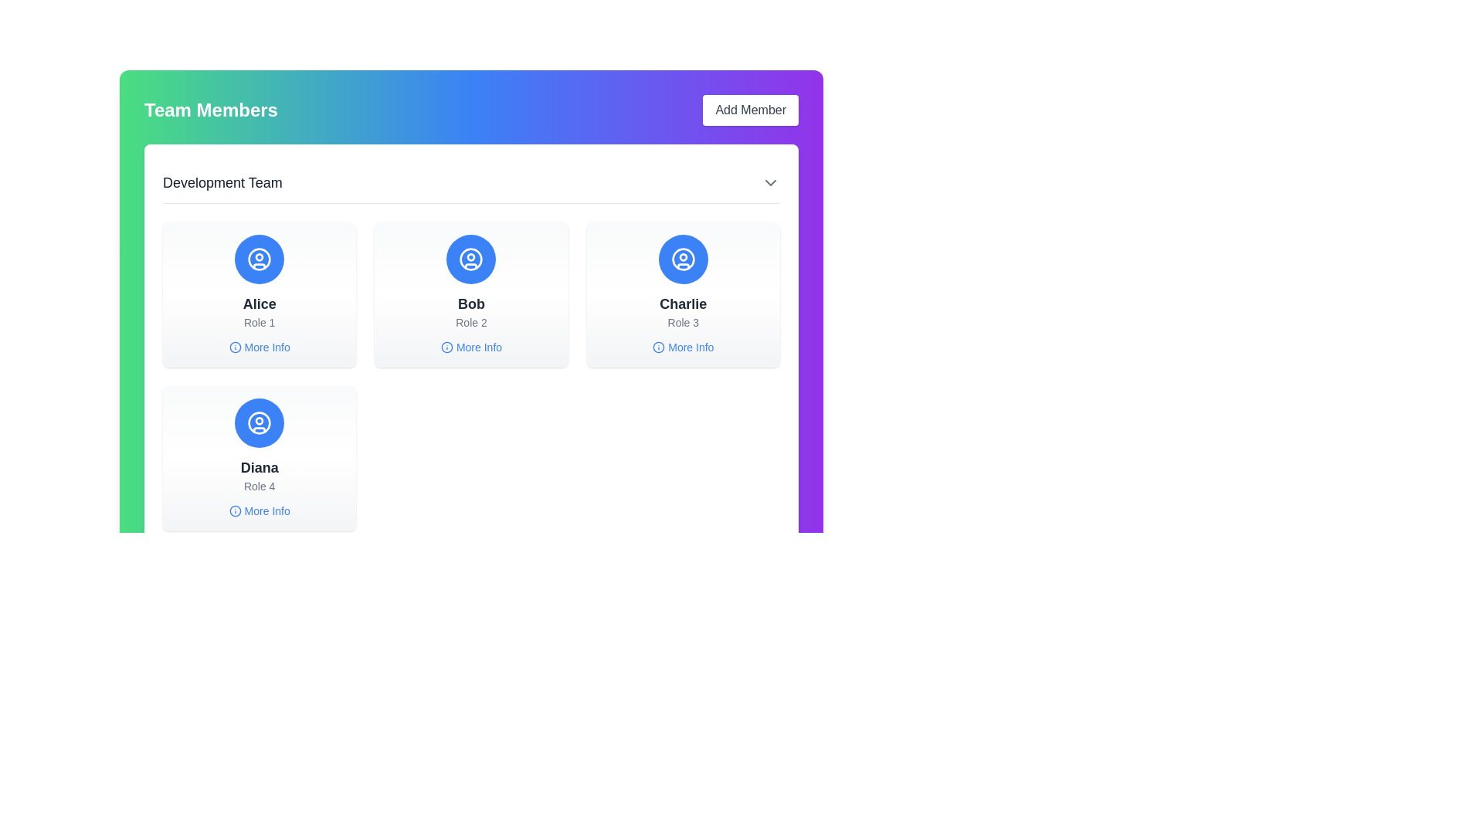  What do you see at coordinates (260, 258) in the screenshot?
I see `the decorative icon representing user 'Alice' at the top center of her card in the 'Development Team' section` at bounding box center [260, 258].